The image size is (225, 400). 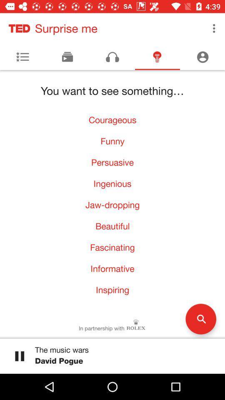 I want to click on icon above jaw-dropping icon, so click(x=112, y=183).